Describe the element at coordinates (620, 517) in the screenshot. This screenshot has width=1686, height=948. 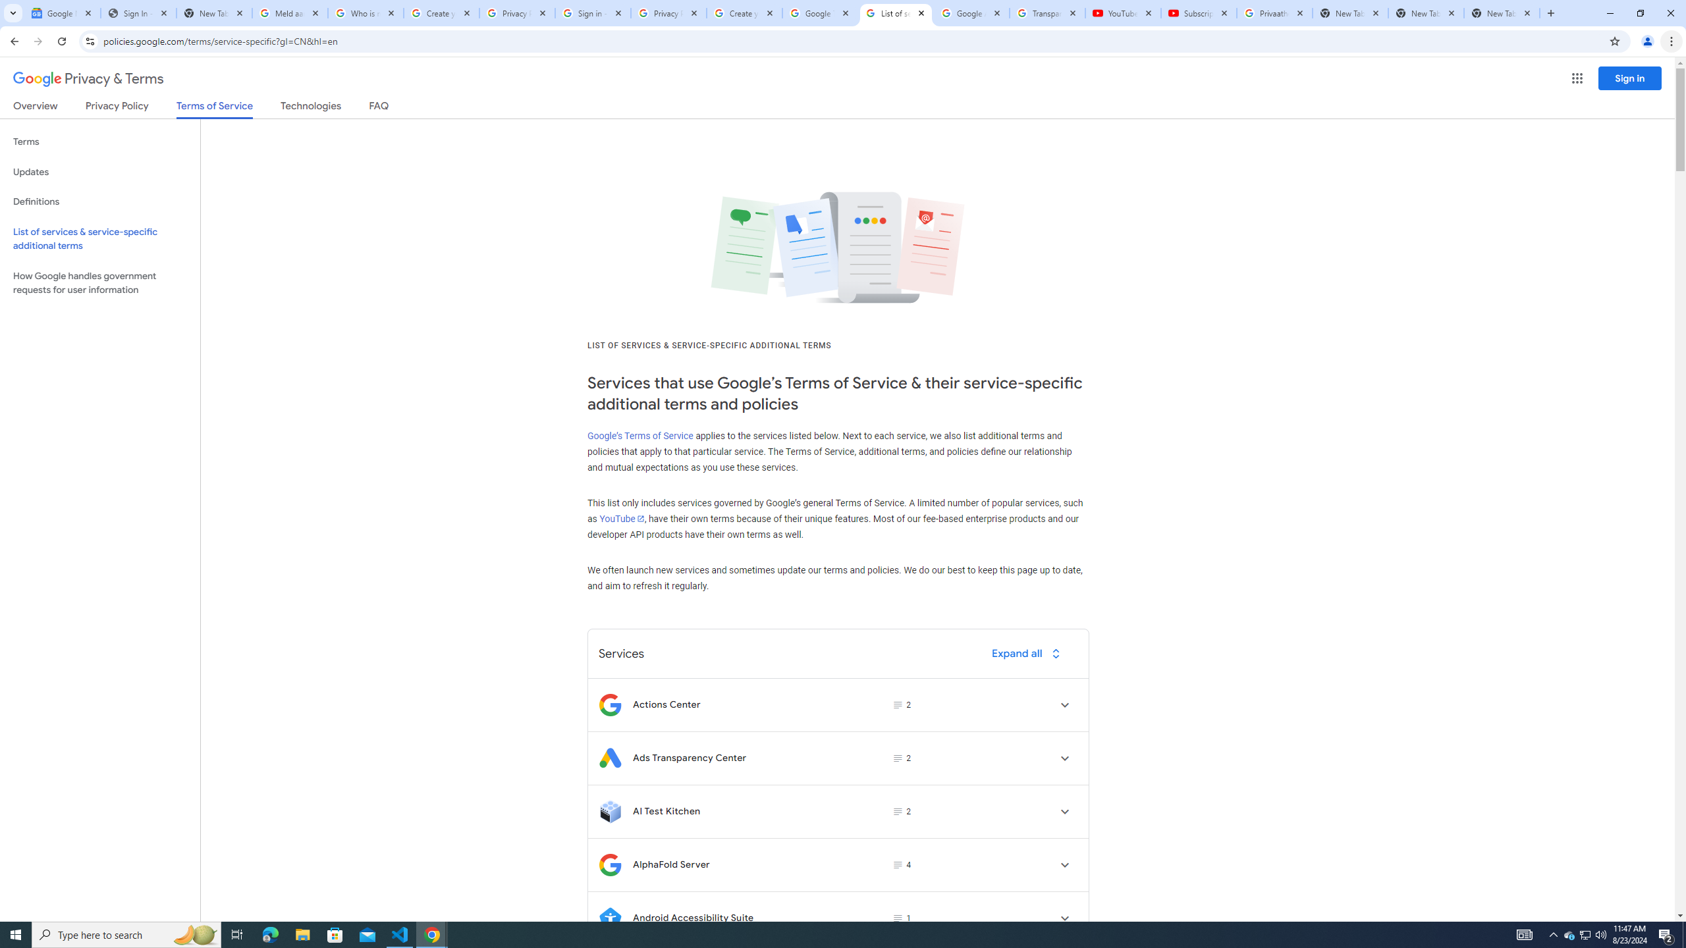
I see `'YouTube'` at that location.